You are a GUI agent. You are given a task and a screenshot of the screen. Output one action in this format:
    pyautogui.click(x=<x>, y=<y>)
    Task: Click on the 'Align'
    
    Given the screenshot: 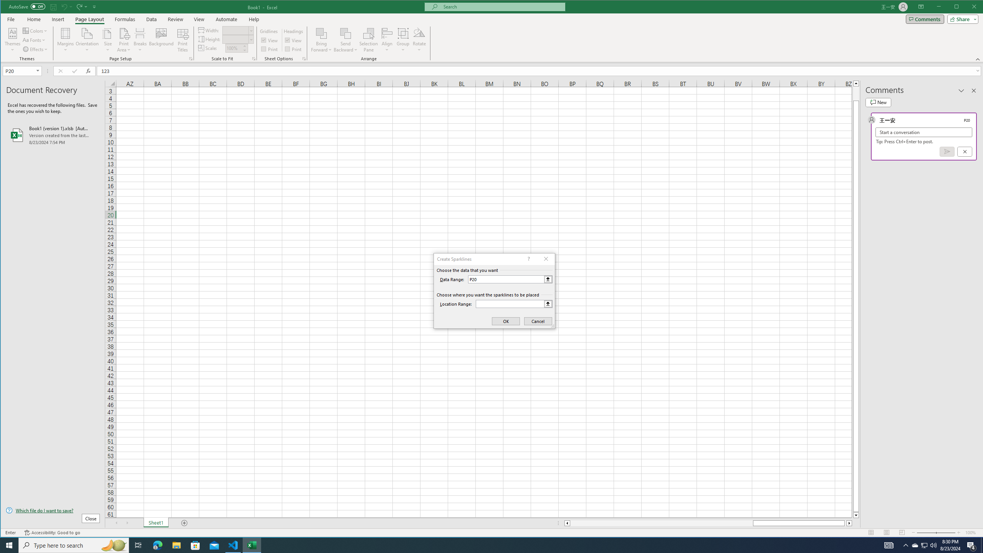 What is the action you would take?
    pyautogui.click(x=387, y=40)
    